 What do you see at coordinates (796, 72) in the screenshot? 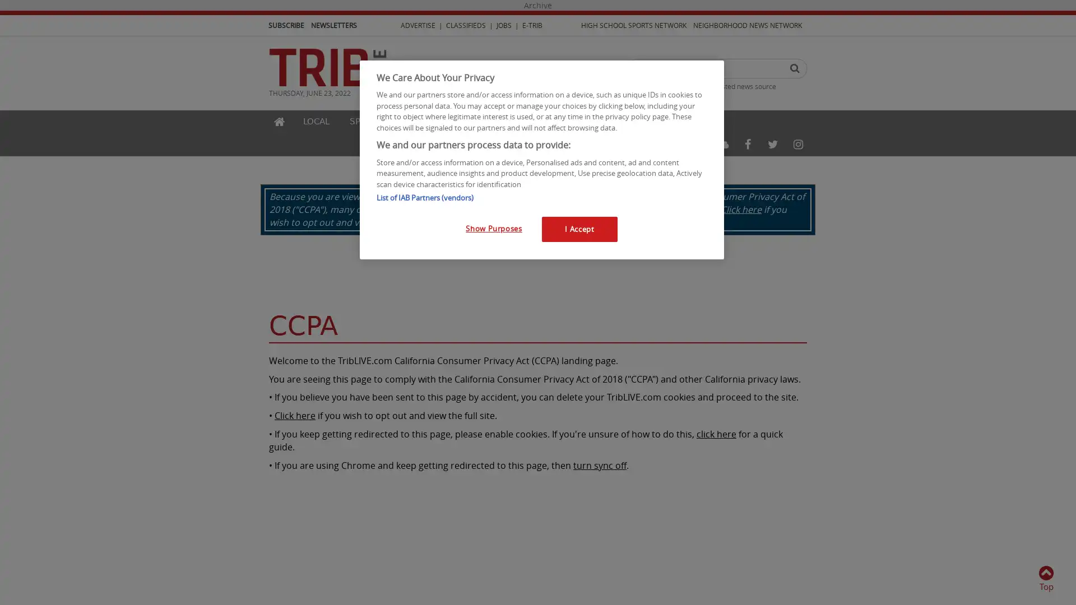
I see `Search` at bounding box center [796, 72].